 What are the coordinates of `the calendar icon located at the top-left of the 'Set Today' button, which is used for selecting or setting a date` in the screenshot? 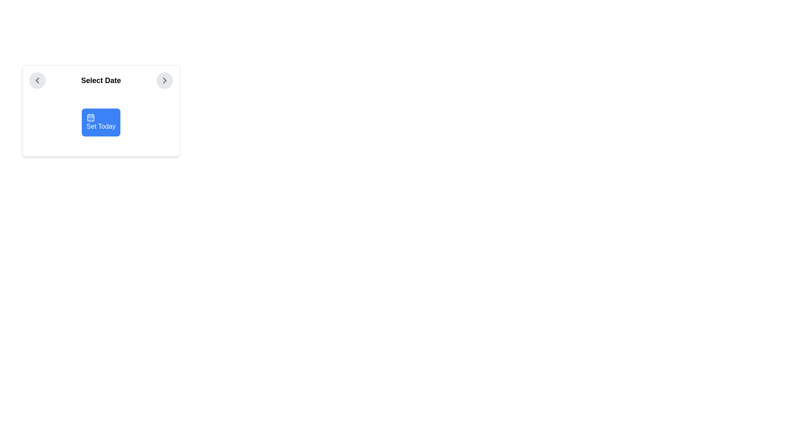 It's located at (90, 117).